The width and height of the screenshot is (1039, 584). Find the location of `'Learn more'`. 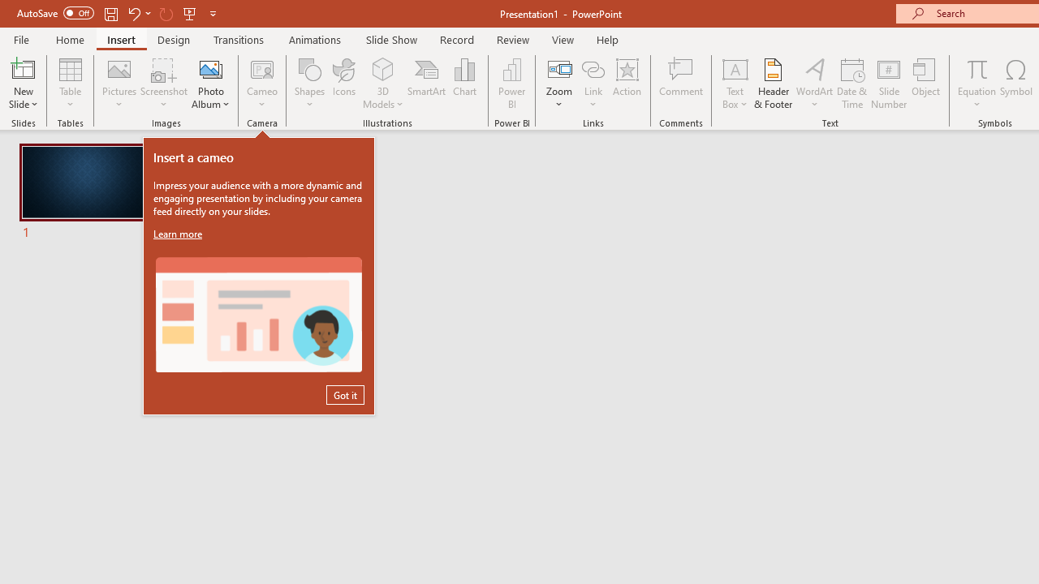

'Learn more' is located at coordinates (179, 234).